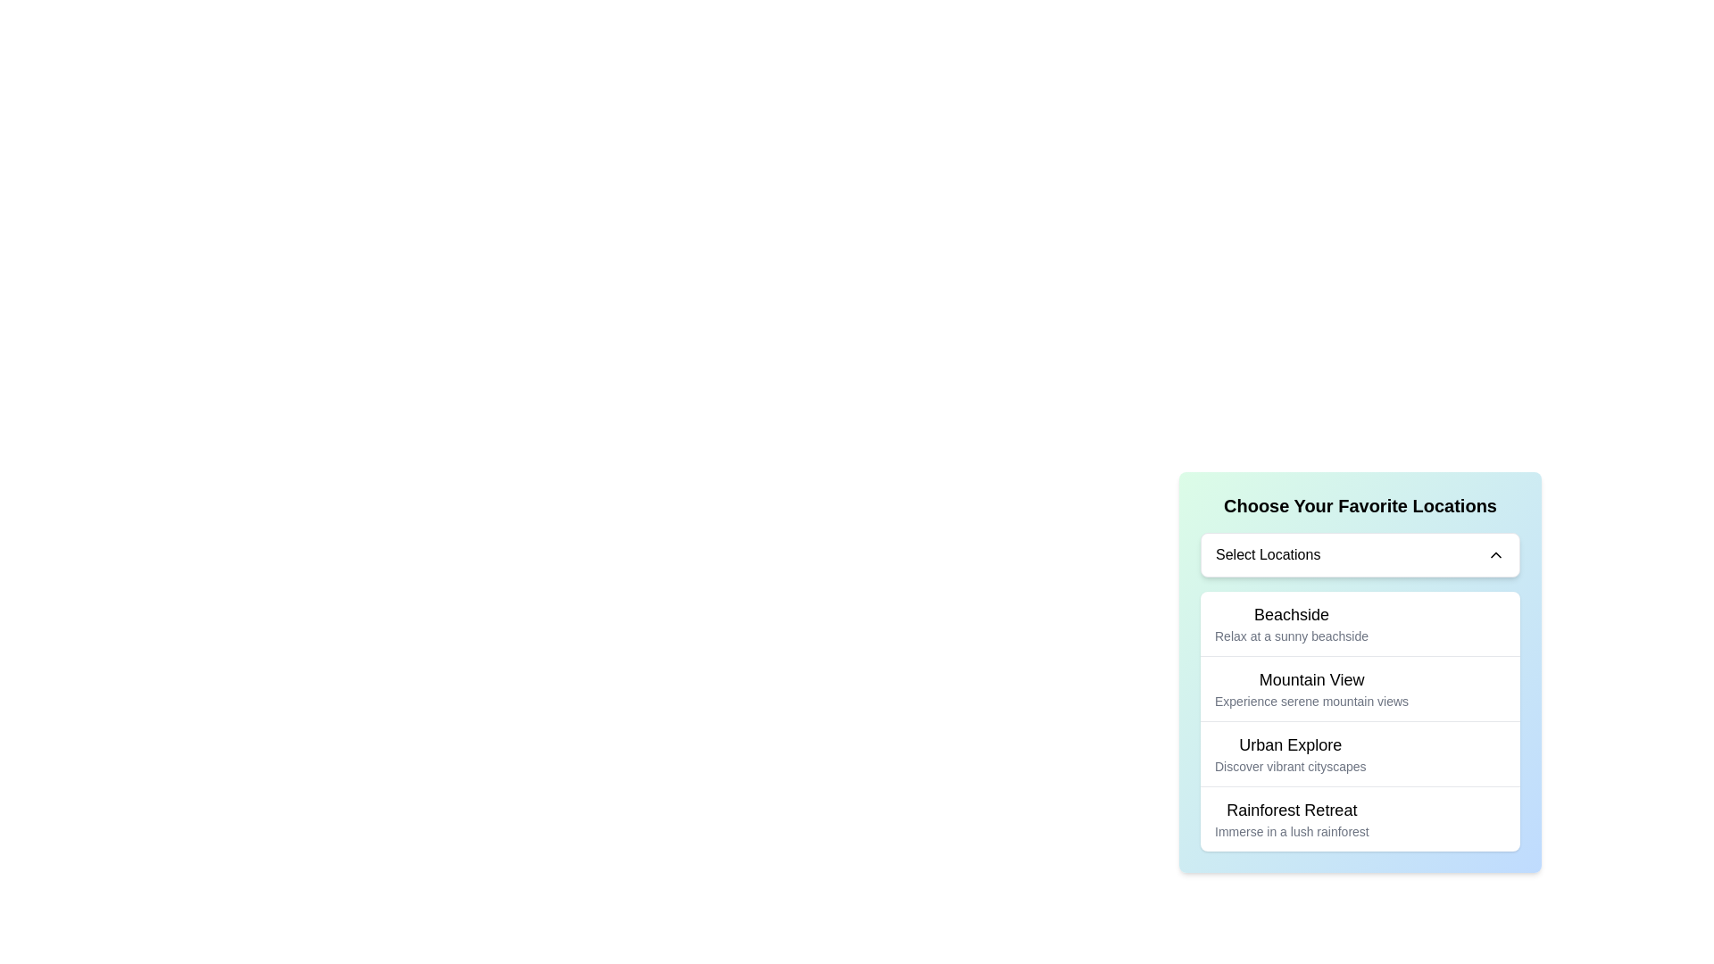 Image resolution: width=1714 pixels, height=964 pixels. Describe the element at coordinates (1290, 744) in the screenshot. I see `the text label displaying 'Urban Explore', which is prominently styled and located in the third option block under 'Choose Your Favorite Locations'` at that location.